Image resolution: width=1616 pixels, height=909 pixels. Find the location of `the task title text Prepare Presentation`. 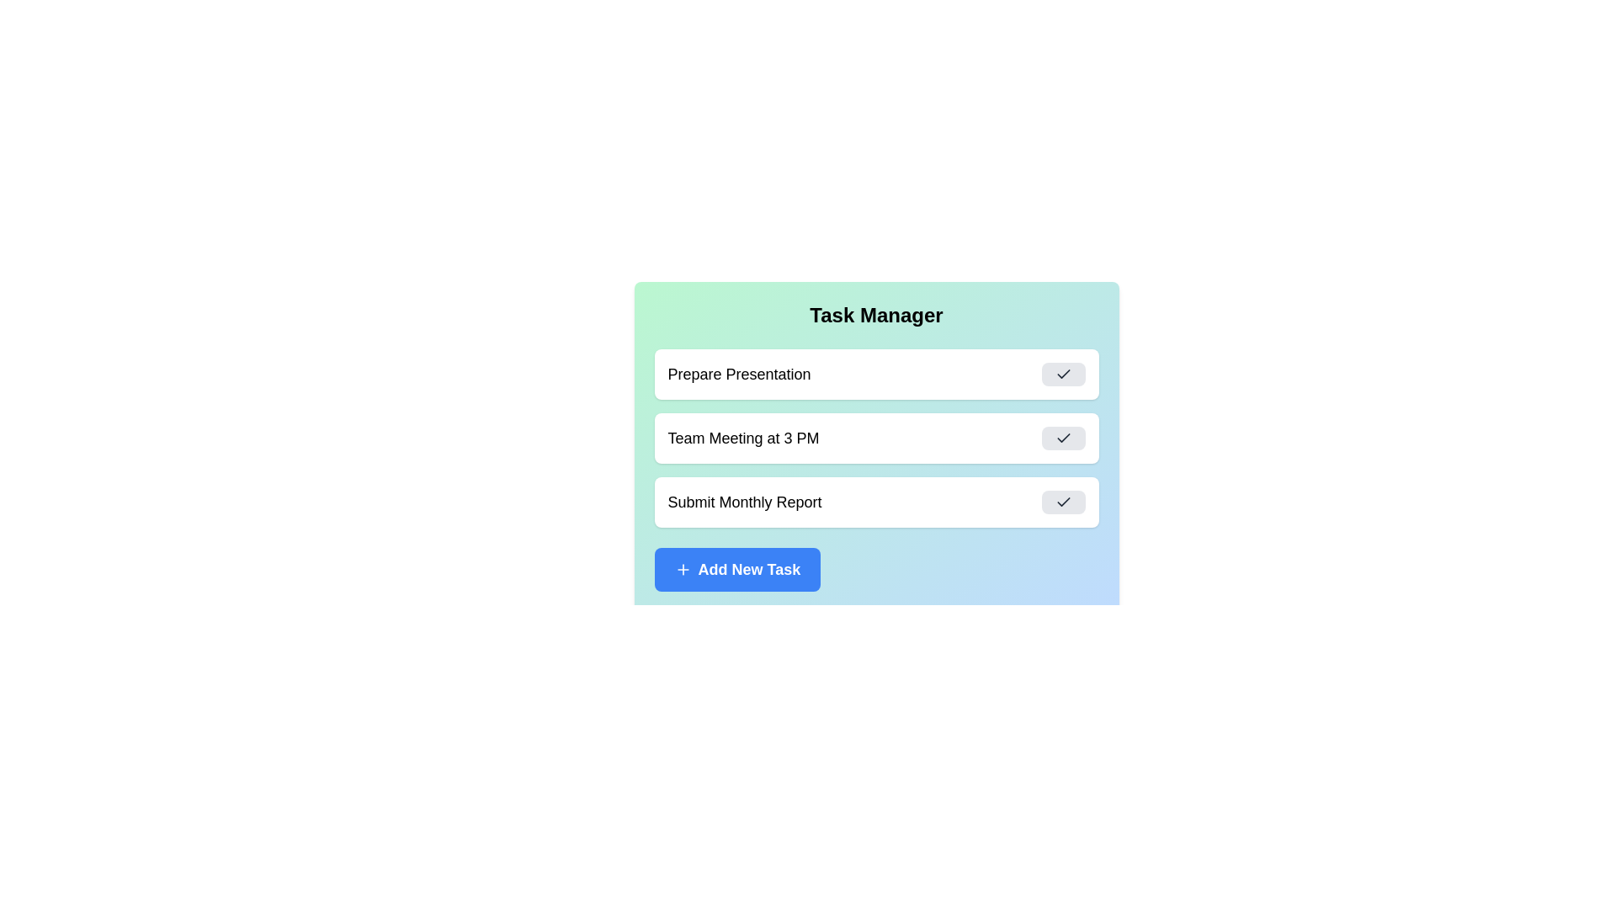

the task title text Prepare Presentation is located at coordinates (739, 373).